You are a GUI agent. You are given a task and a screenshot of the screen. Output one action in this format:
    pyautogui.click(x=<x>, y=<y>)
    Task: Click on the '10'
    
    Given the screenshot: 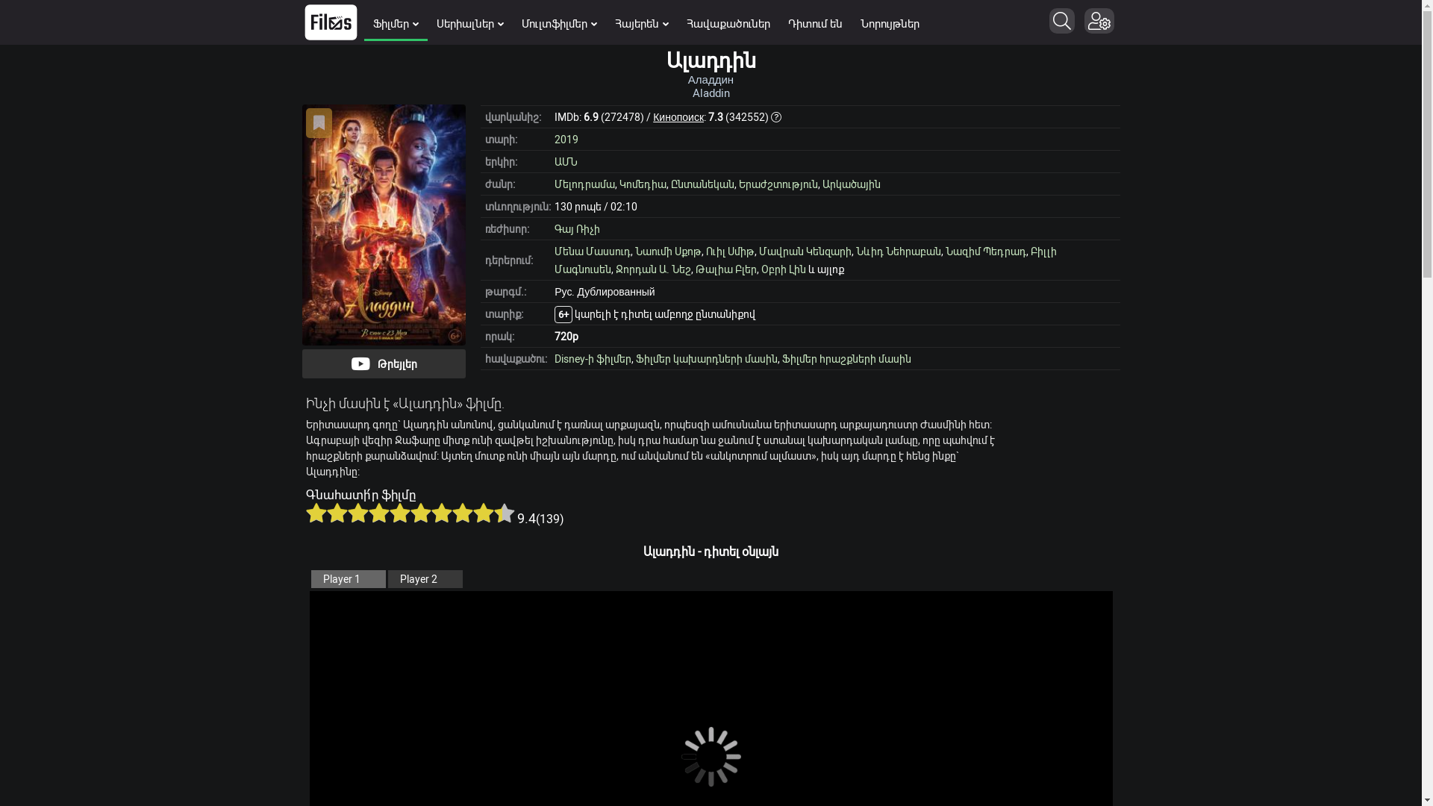 What is the action you would take?
    pyautogui.click(x=505, y=511)
    